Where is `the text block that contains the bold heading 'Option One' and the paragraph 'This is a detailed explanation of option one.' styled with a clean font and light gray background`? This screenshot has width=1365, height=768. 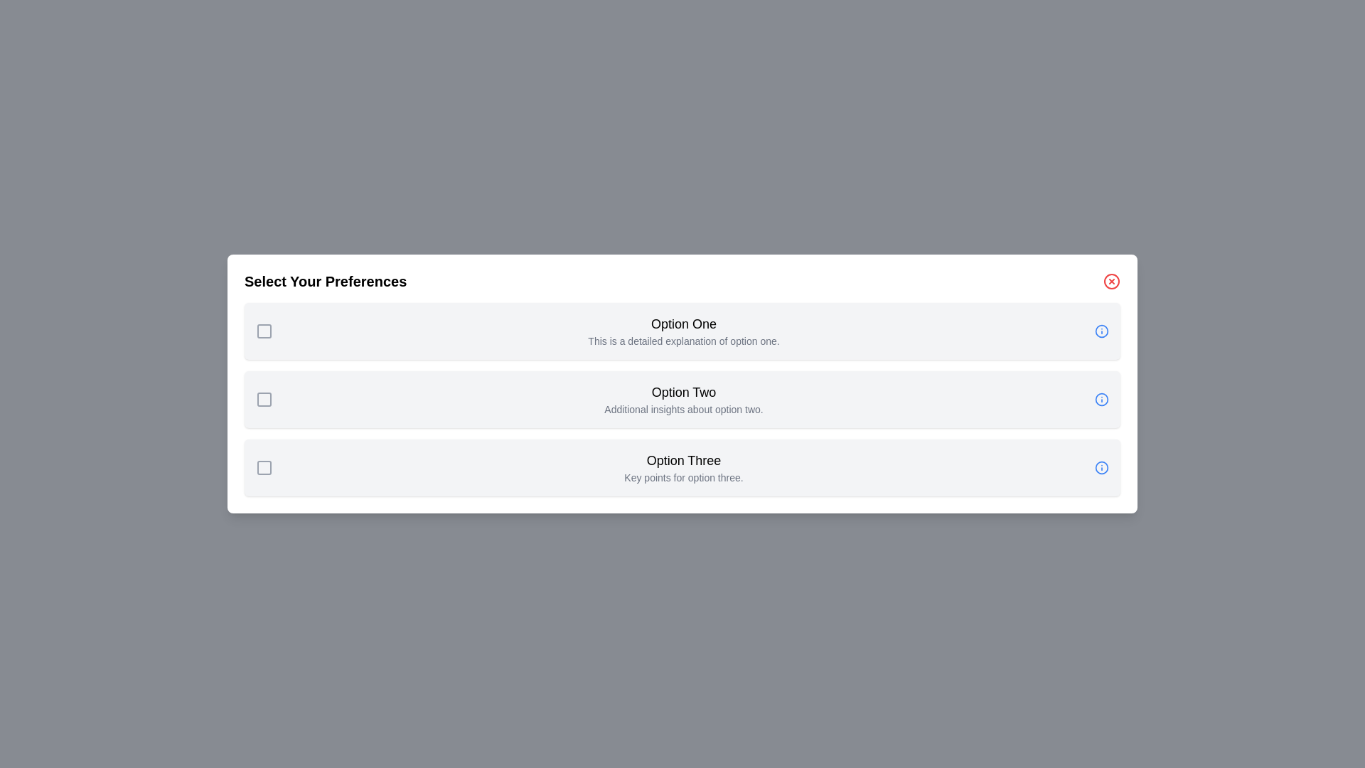 the text block that contains the bold heading 'Option One' and the paragraph 'This is a detailed explanation of option one.' styled with a clean font and light gray background is located at coordinates (683, 331).